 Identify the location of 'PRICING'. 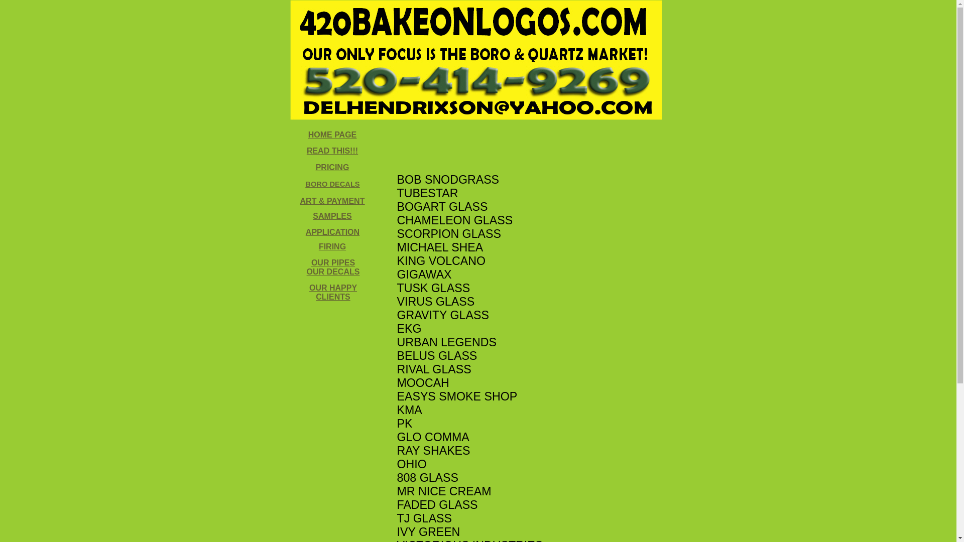
(332, 167).